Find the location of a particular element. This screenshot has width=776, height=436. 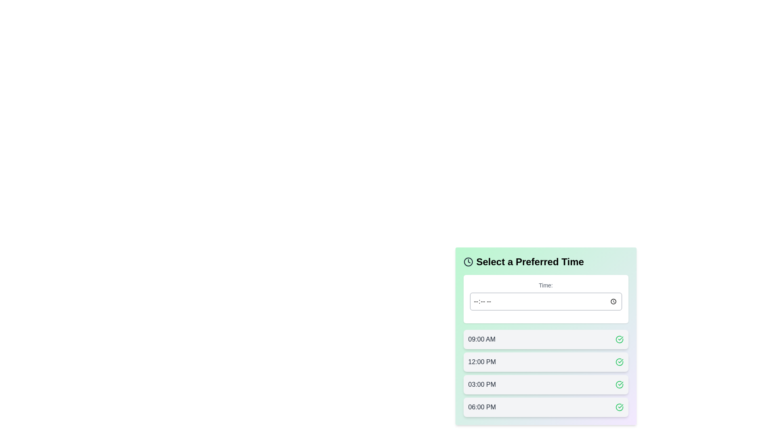

the visual confirmation icon located on the right side of the row for the '06:00 PM' time slot, which indicates the selection of this time slot is located at coordinates (619, 339).